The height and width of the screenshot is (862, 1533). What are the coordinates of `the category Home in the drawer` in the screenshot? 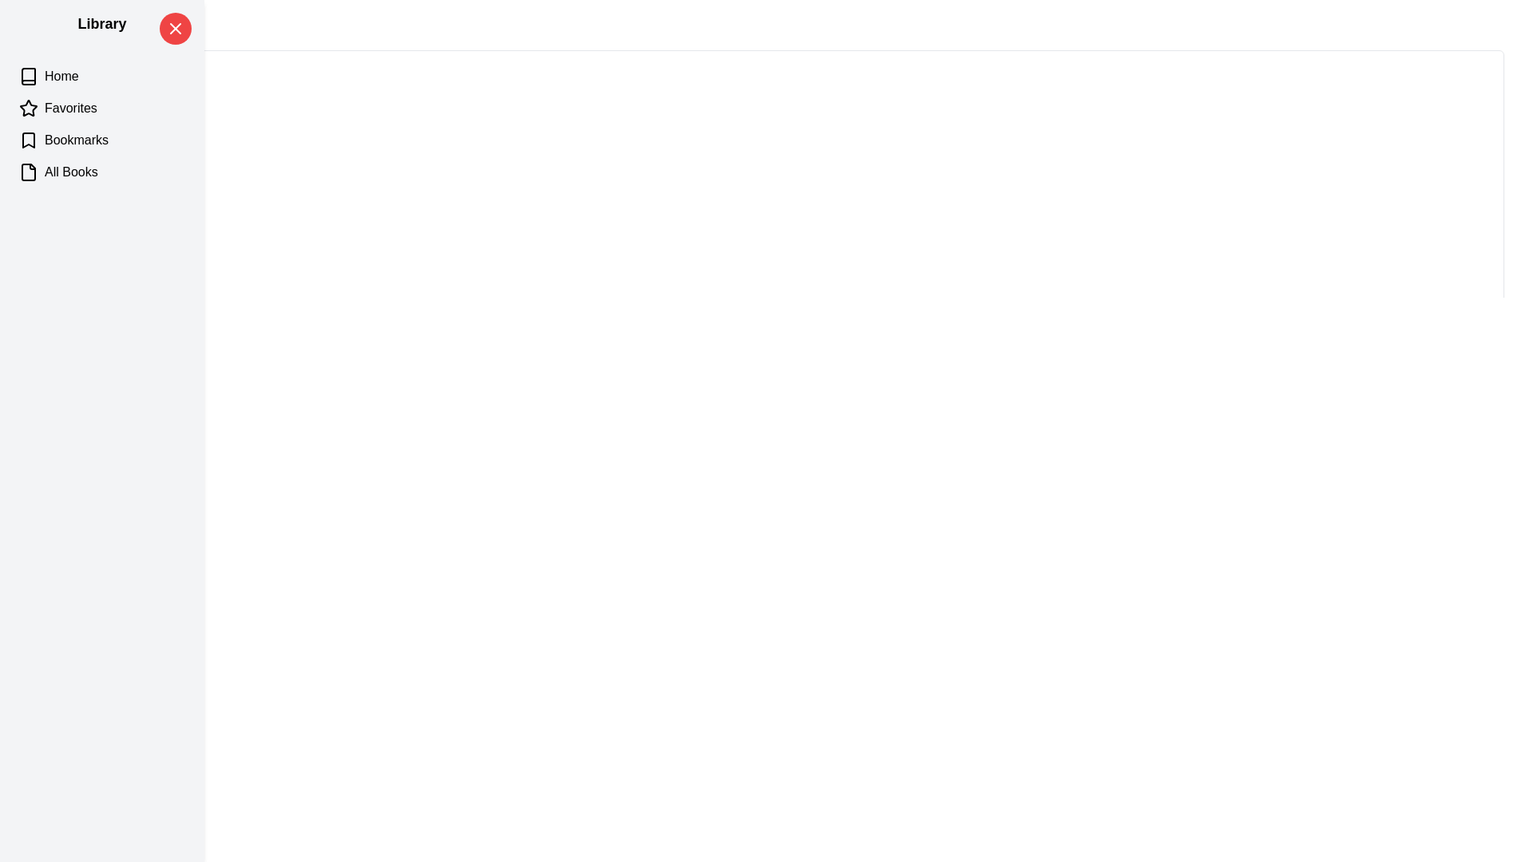 It's located at (101, 77).